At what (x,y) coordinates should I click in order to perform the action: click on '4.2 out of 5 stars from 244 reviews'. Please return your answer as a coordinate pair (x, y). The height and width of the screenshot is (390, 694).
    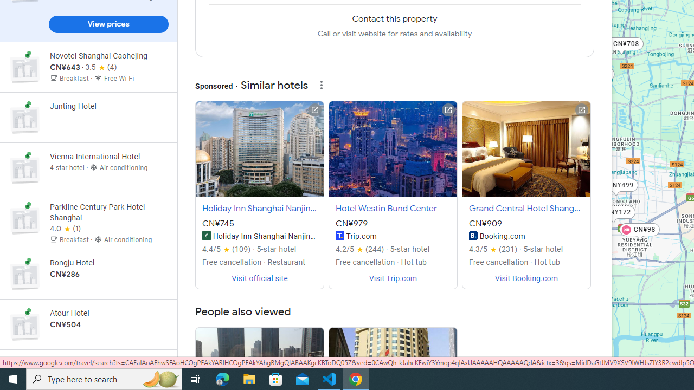
    Looking at the image, I should click on (360, 249).